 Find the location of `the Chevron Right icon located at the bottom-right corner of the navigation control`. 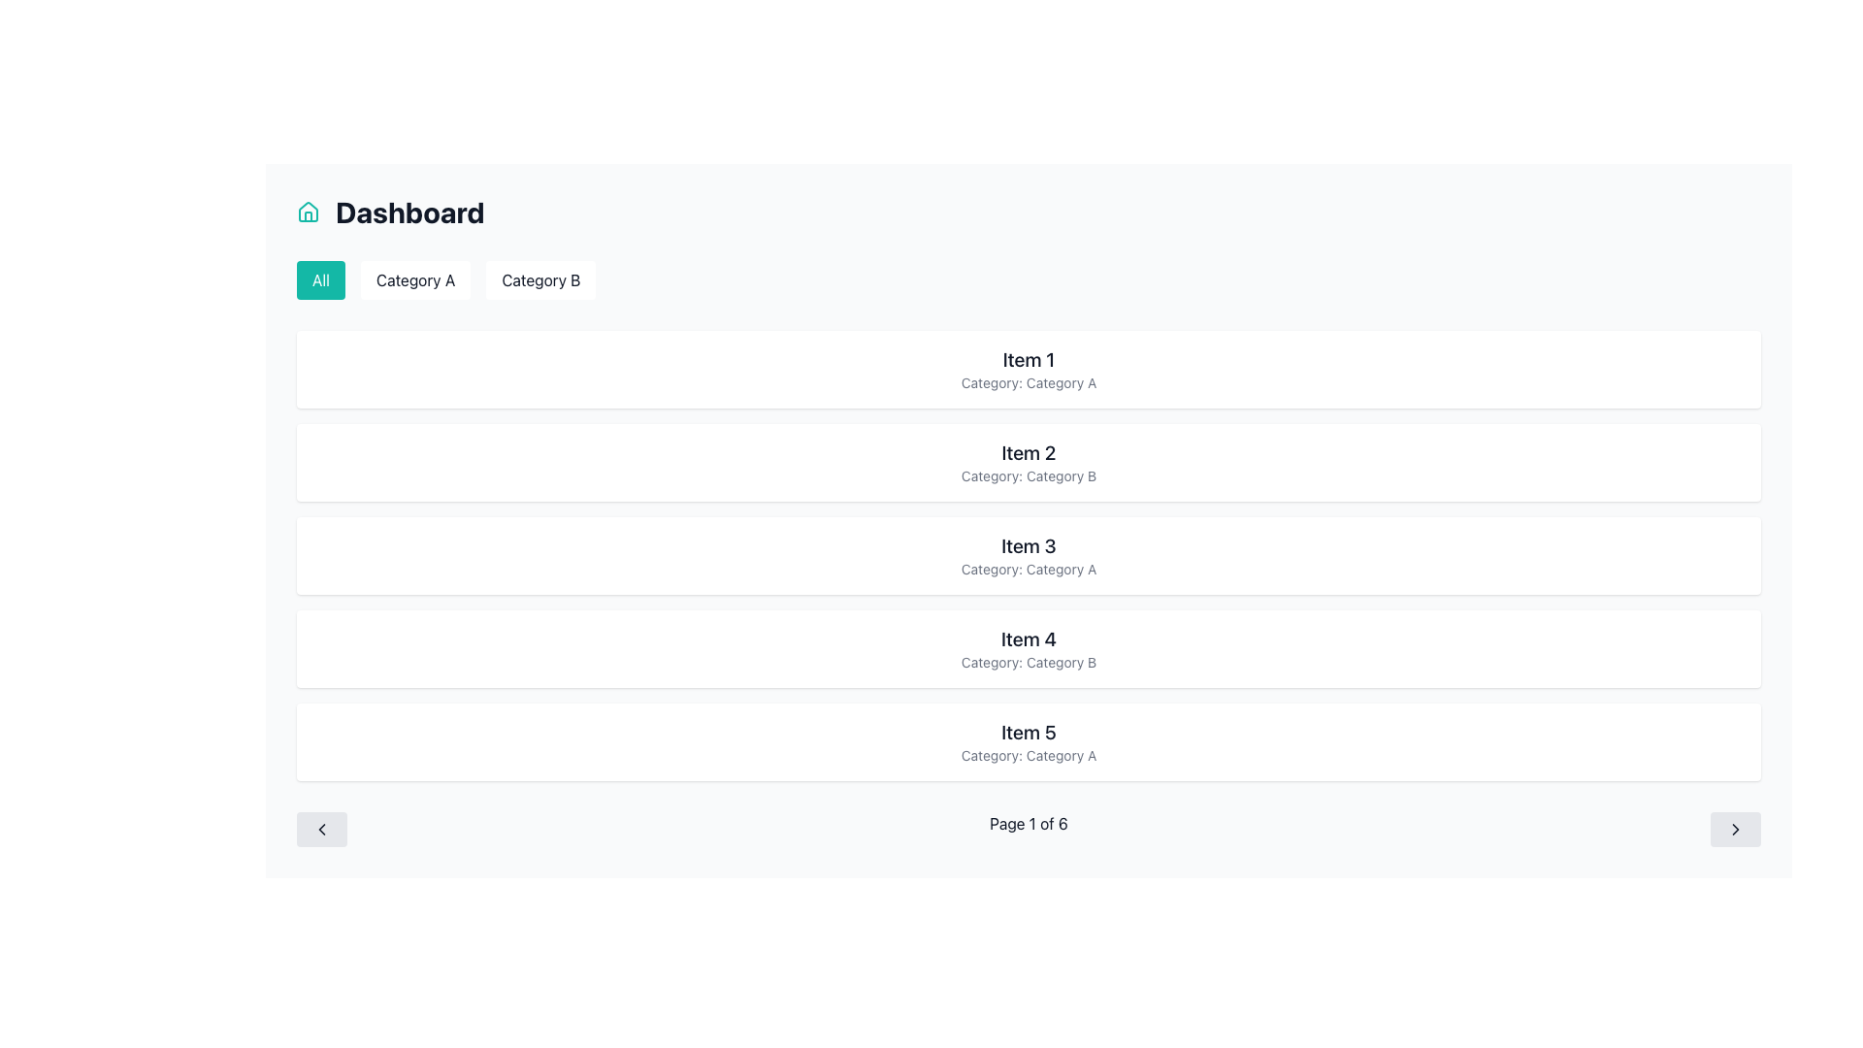

the Chevron Right icon located at the bottom-right corner of the navigation control is located at coordinates (1736, 830).